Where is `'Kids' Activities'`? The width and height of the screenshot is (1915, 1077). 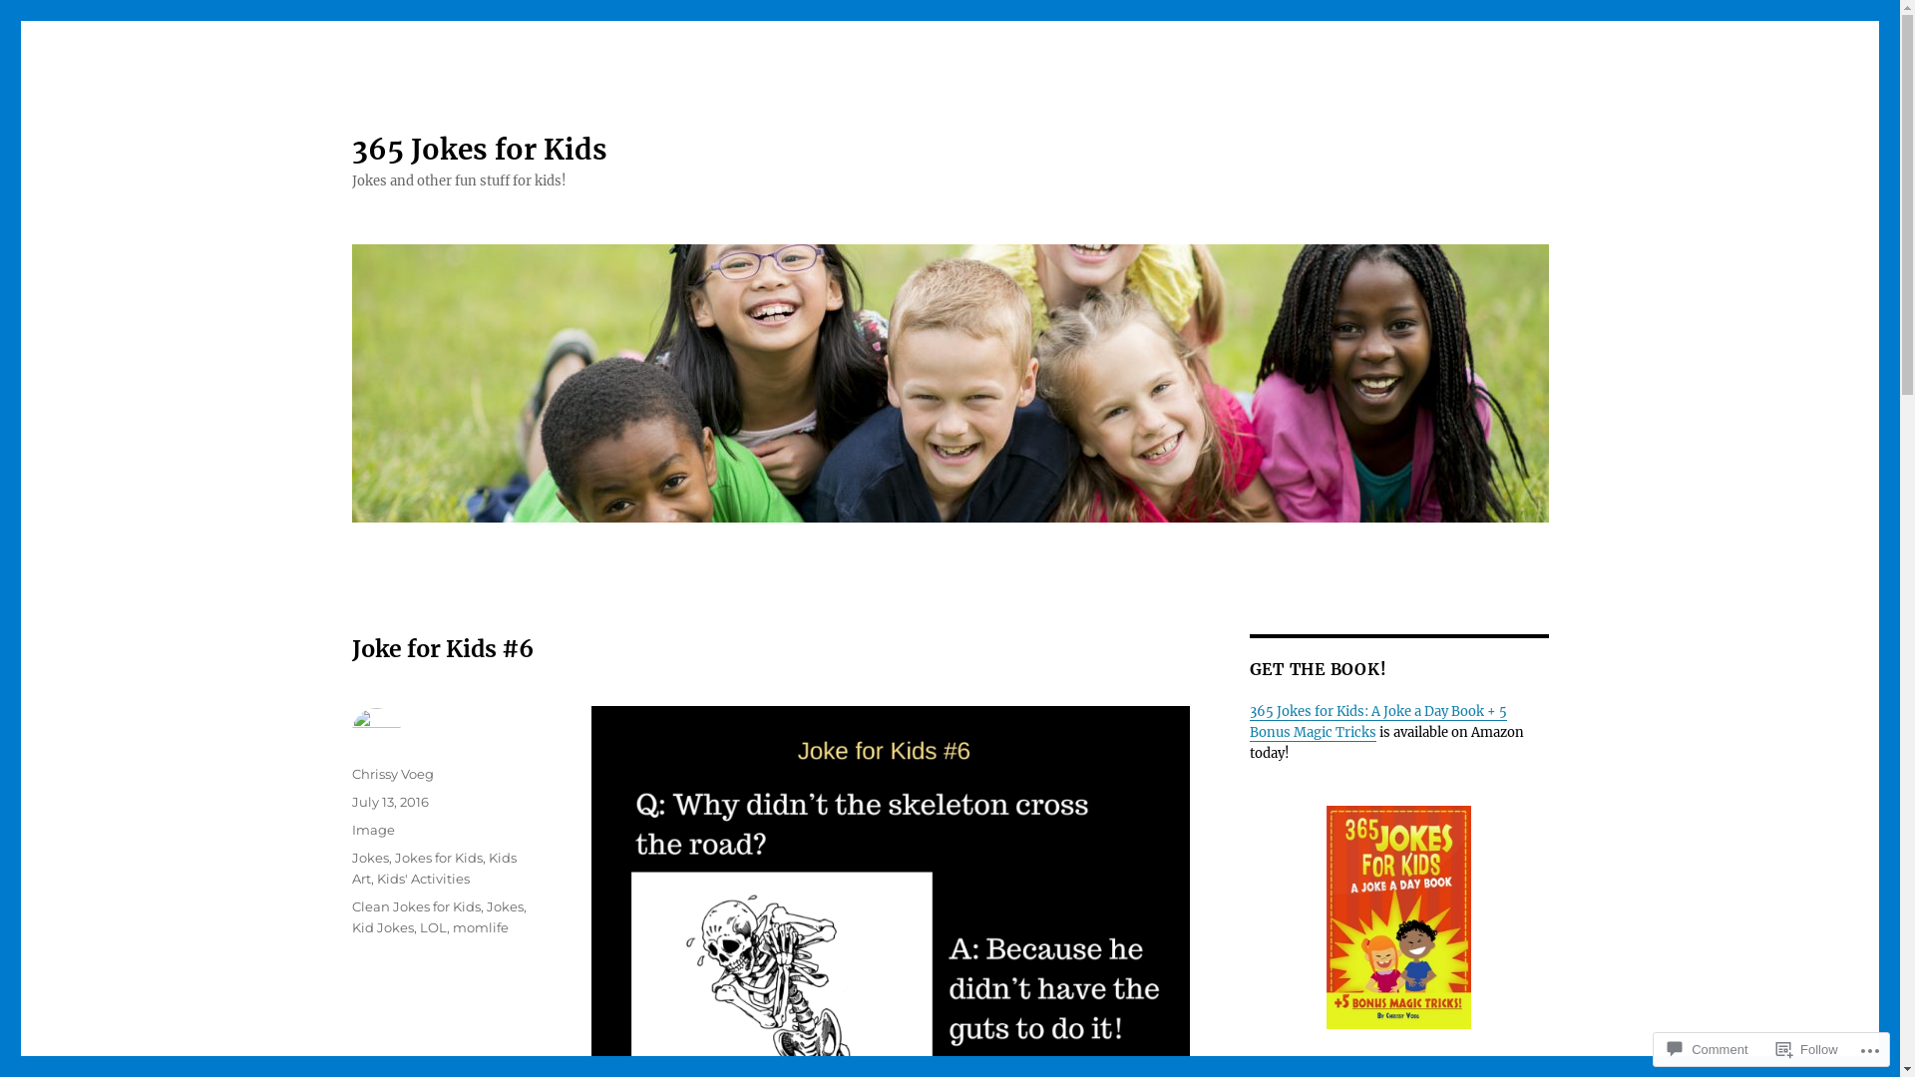
'Kids' Activities' is located at coordinates (422, 877).